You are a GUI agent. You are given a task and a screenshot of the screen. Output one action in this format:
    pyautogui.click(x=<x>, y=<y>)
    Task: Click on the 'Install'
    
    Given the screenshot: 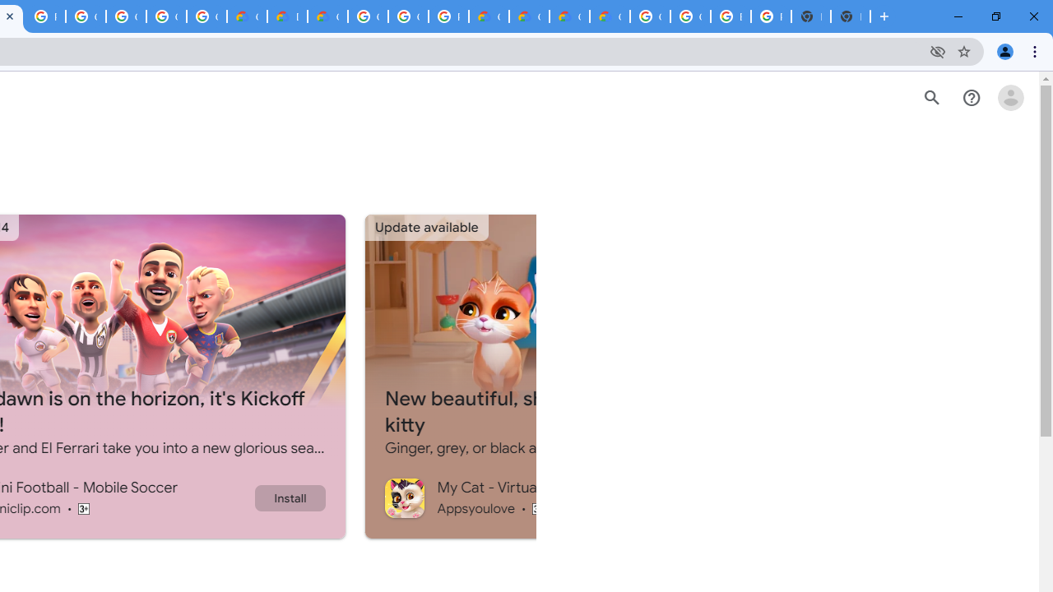 What is the action you would take?
    pyautogui.click(x=290, y=497)
    